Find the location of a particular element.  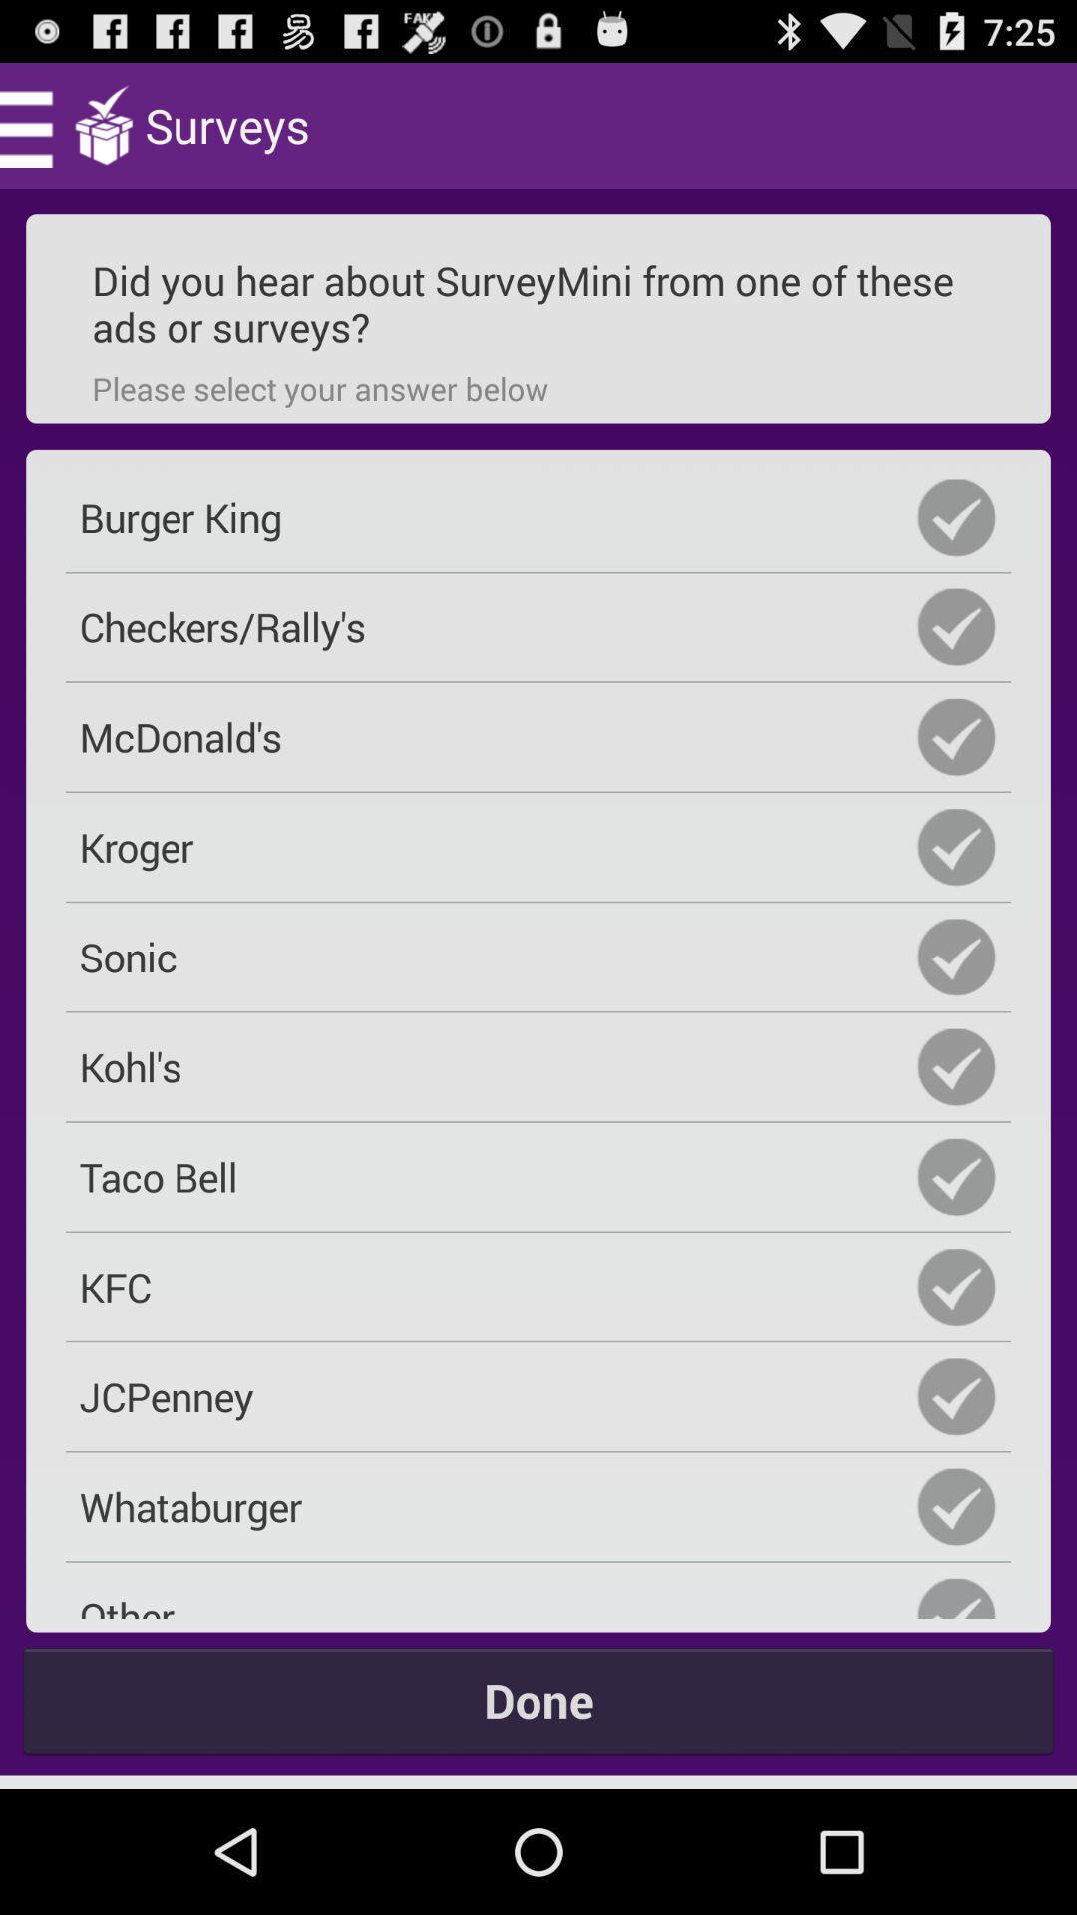

the jcpenney is located at coordinates (538, 1395).